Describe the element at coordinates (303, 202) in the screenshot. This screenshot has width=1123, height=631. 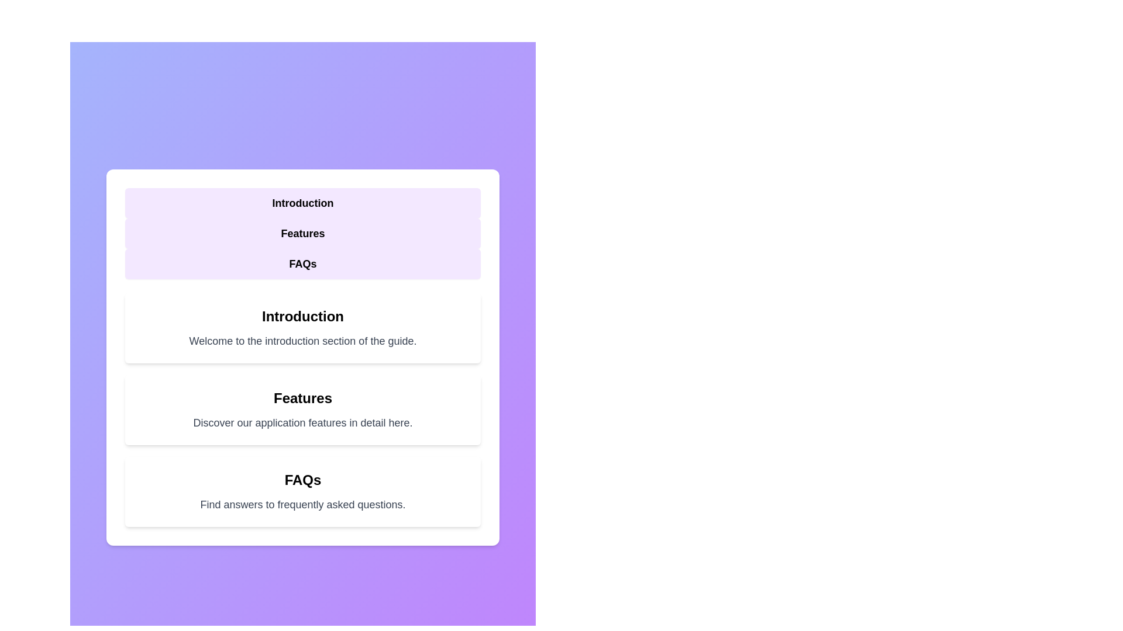
I see `the 'Introduction' button, which is a light purple rectangular button with rounded corners and bold black text` at that location.